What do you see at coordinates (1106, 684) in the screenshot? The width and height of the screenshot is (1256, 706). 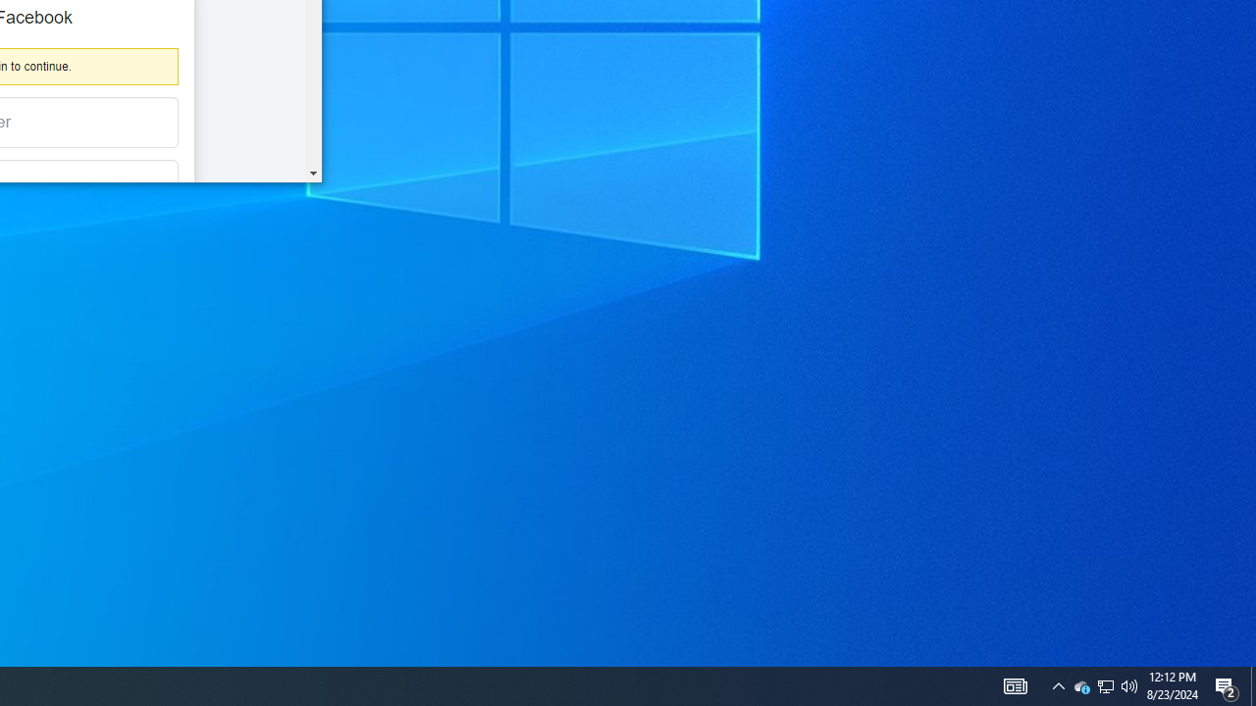 I see `'Notification Chevron'` at bounding box center [1106, 684].